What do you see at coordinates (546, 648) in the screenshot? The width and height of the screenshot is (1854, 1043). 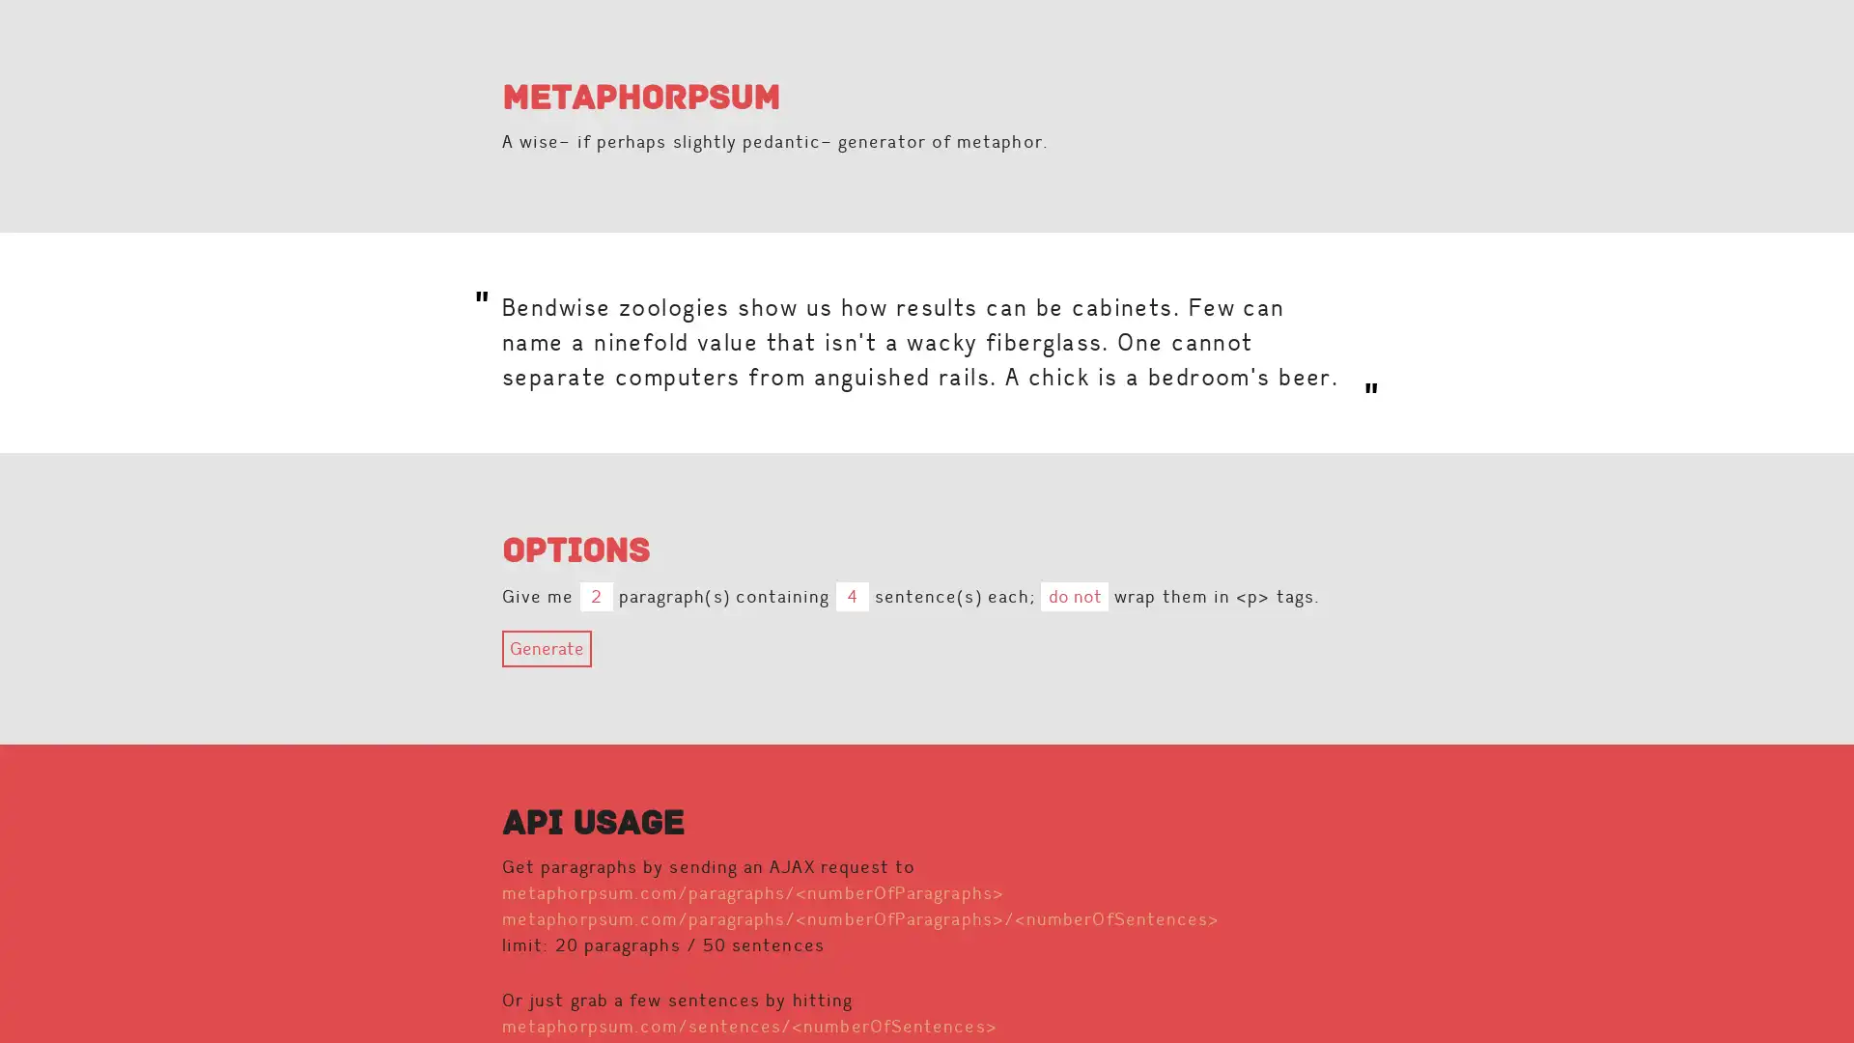 I see `Generate` at bounding box center [546, 648].